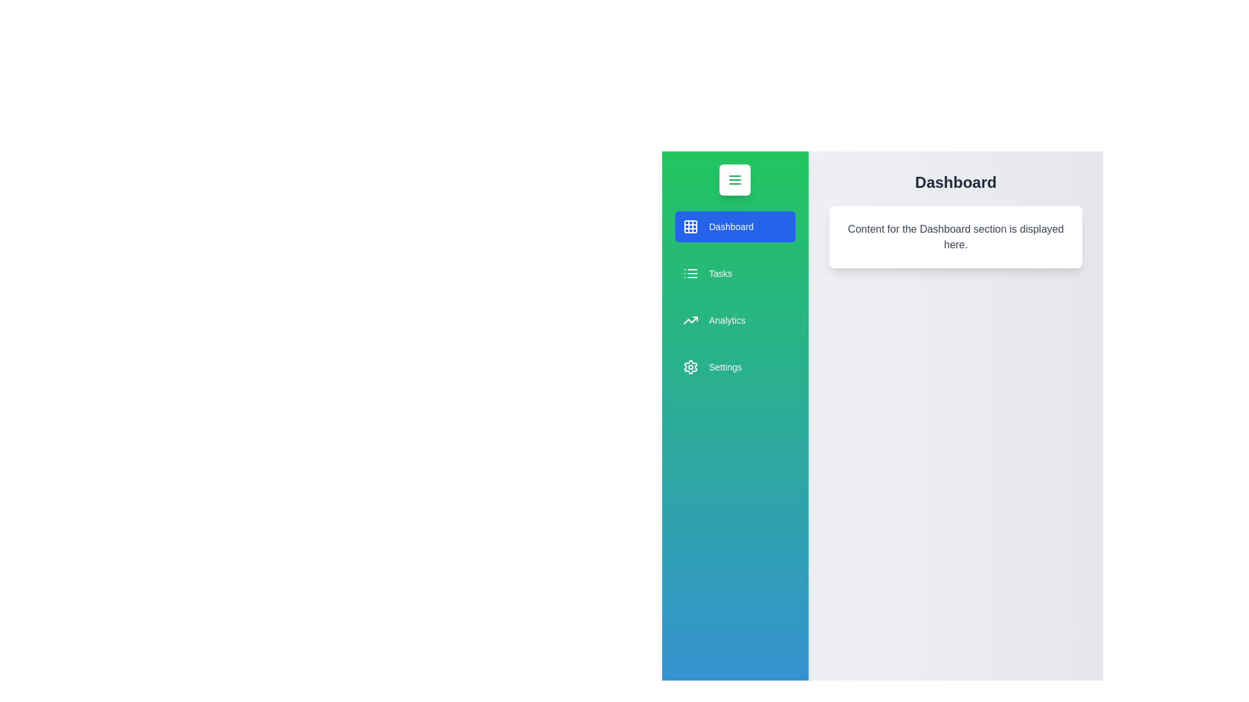 The height and width of the screenshot is (702, 1249). Describe the element at coordinates (734, 226) in the screenshot. I see `the Dashboard tab` at that location.